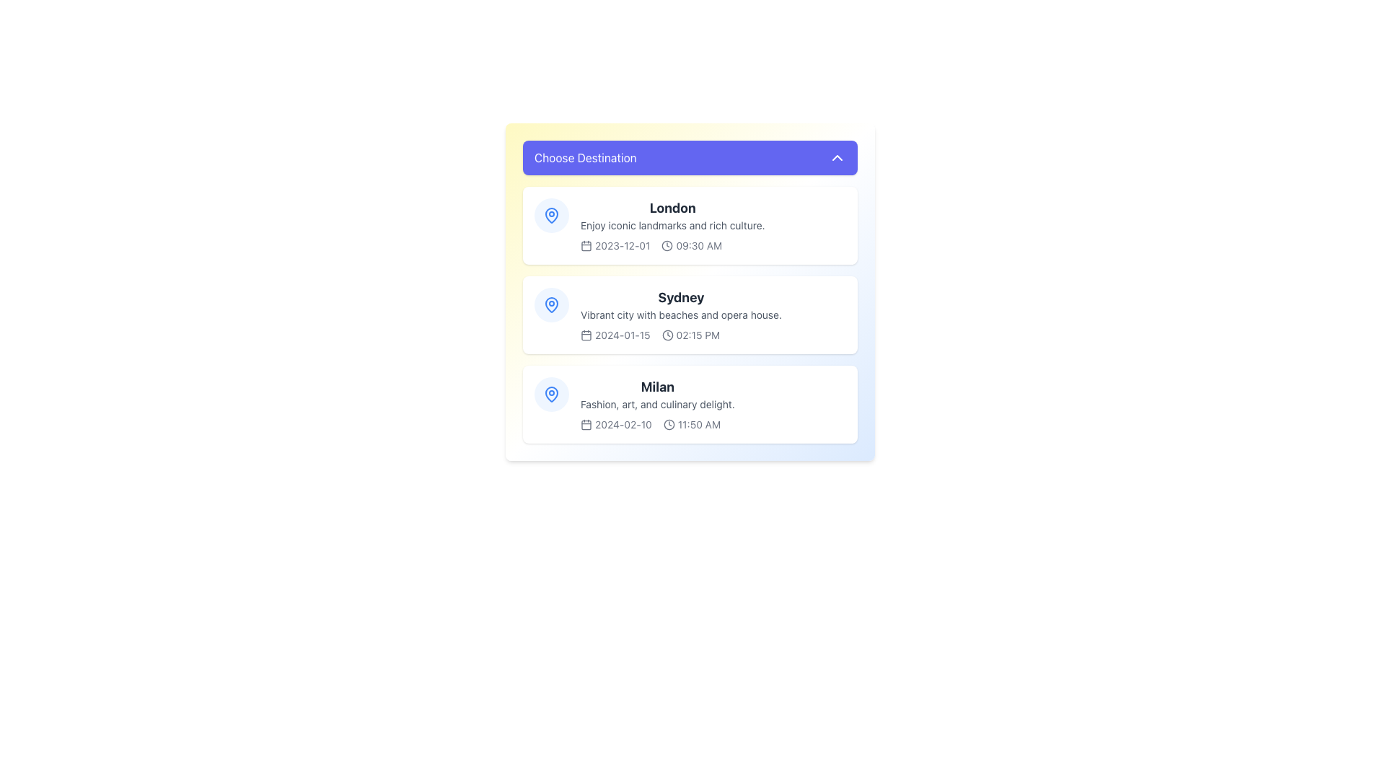 The image size is (1385, 779). I want to click on the blue SVG map pin icon located next to the text 'Sydney' in the vertical list of selectable options, so click(550, 303).